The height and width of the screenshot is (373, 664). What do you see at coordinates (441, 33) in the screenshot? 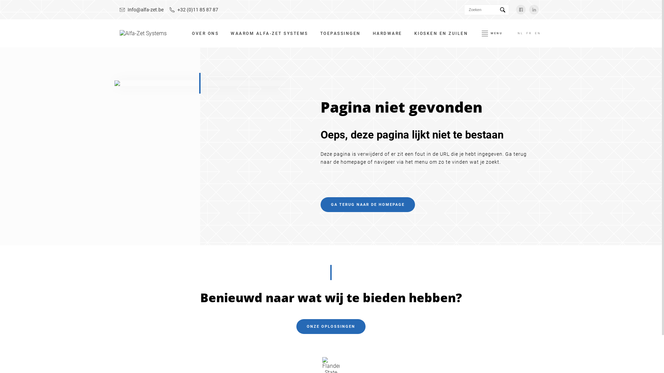
I see `'KIOSKEN EN ZUILEN'` at bounding box center [441, 33].